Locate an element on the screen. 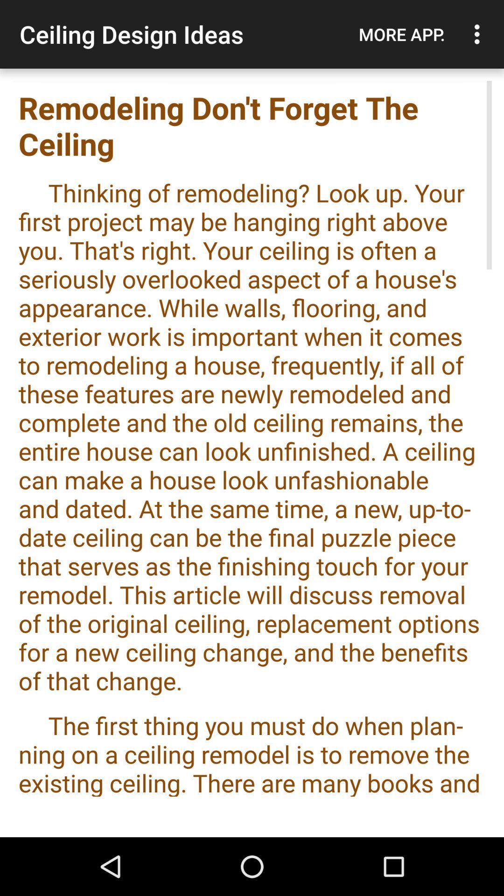  the icon next to the ceiling design ideas item is located at coordinates (401, 34).